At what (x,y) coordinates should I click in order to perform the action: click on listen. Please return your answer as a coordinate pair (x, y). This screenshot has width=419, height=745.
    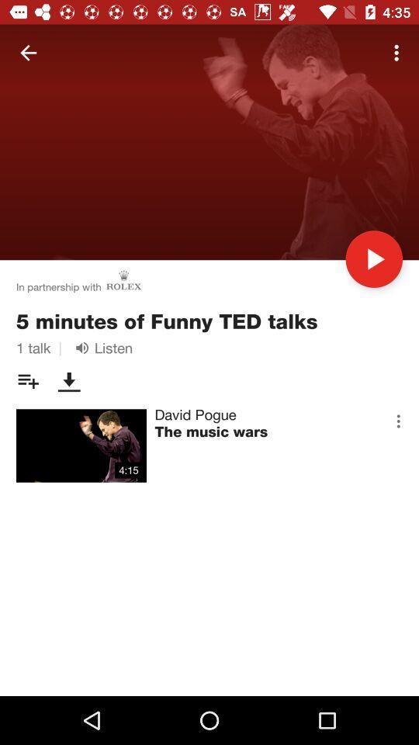
    Looking at the image, I should click on (101, 348).